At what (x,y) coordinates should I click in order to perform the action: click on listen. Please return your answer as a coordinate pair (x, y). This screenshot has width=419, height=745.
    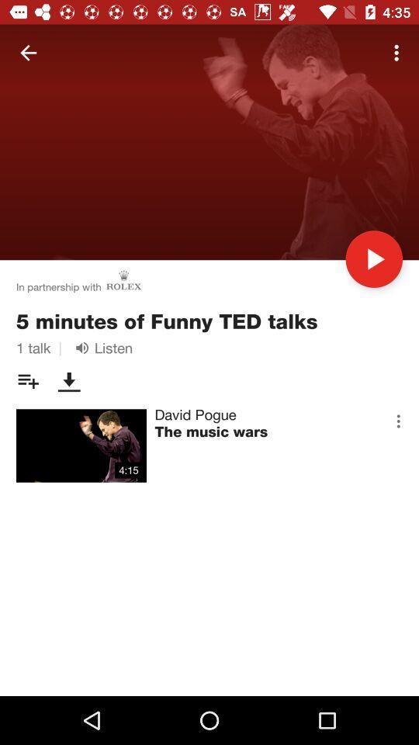
    Looking at the image, I should click on (101, 348).